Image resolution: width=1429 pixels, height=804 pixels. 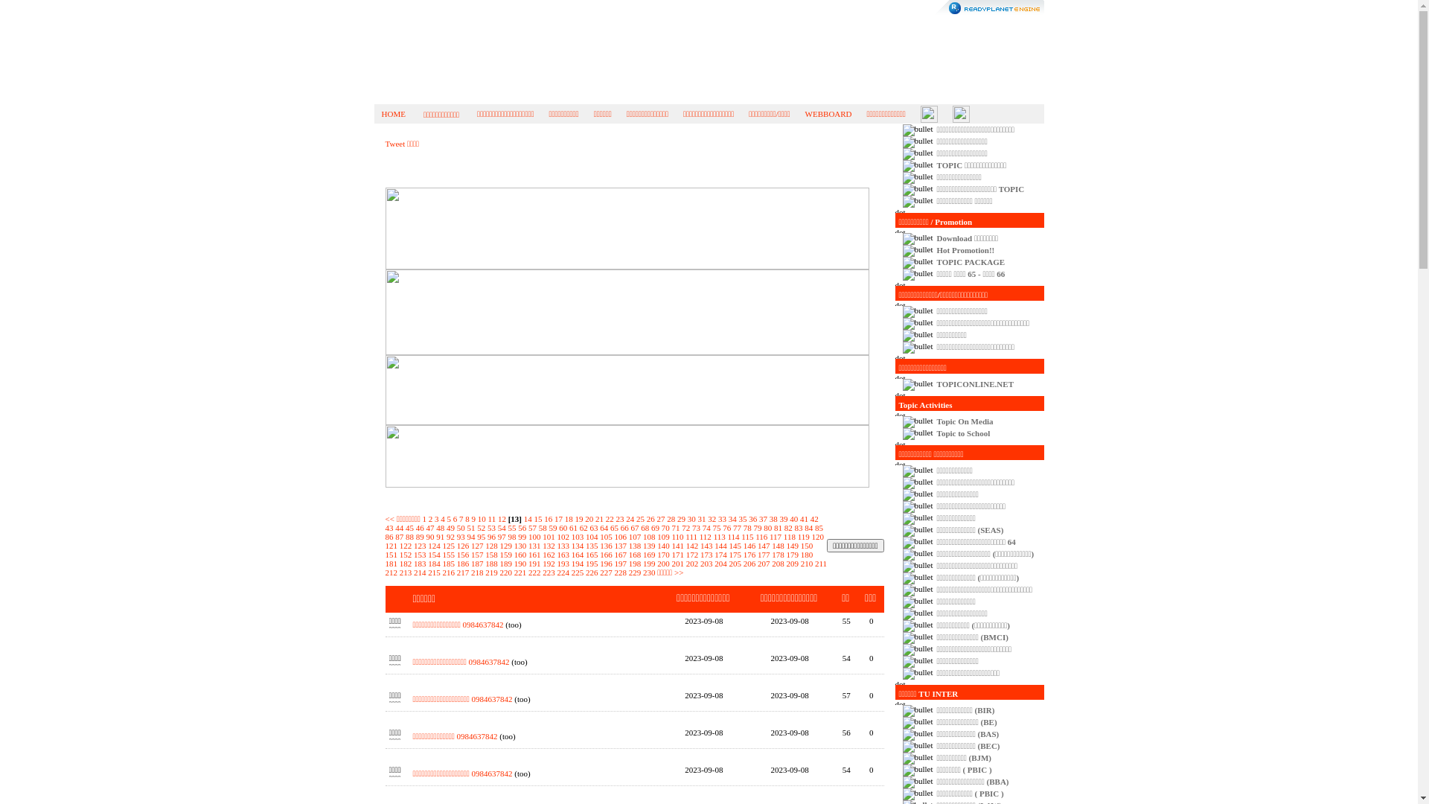 What do you see at coordinates (662, 545) in the screenshot?
I see `'140'` at bounding box center [662, 545].